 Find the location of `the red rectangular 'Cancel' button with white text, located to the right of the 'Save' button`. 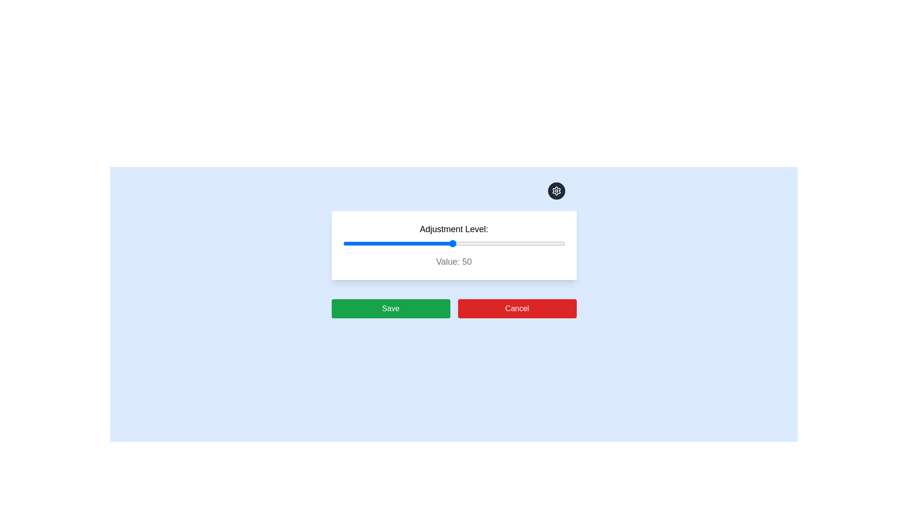

the red rectangular 'Cancel' button with white text, located to the right of the 'Save' button is located at coordinates (516, 308).